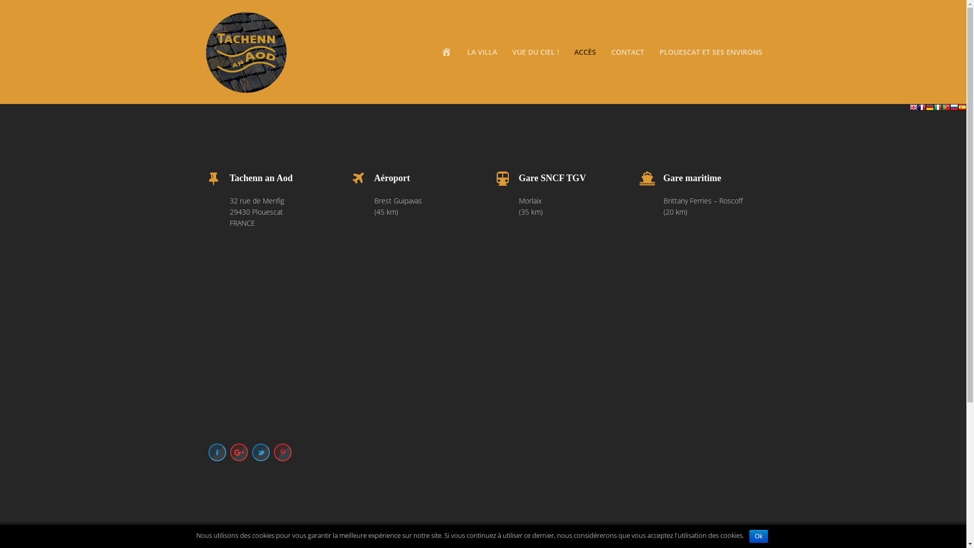  I want to click on 'Google+', so click(238, 452).